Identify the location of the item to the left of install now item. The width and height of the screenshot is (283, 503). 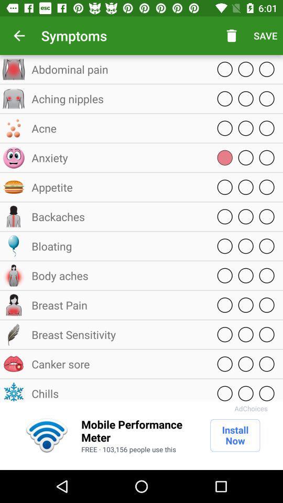
(140, 431).